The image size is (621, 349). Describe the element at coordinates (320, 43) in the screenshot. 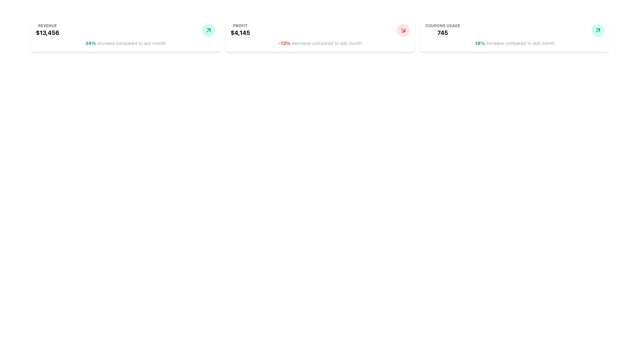

I see `information from the Text Label indicating a negative change in performance, which is located below the main numeric value '$4,145' in the 'Profit' card` at that location.